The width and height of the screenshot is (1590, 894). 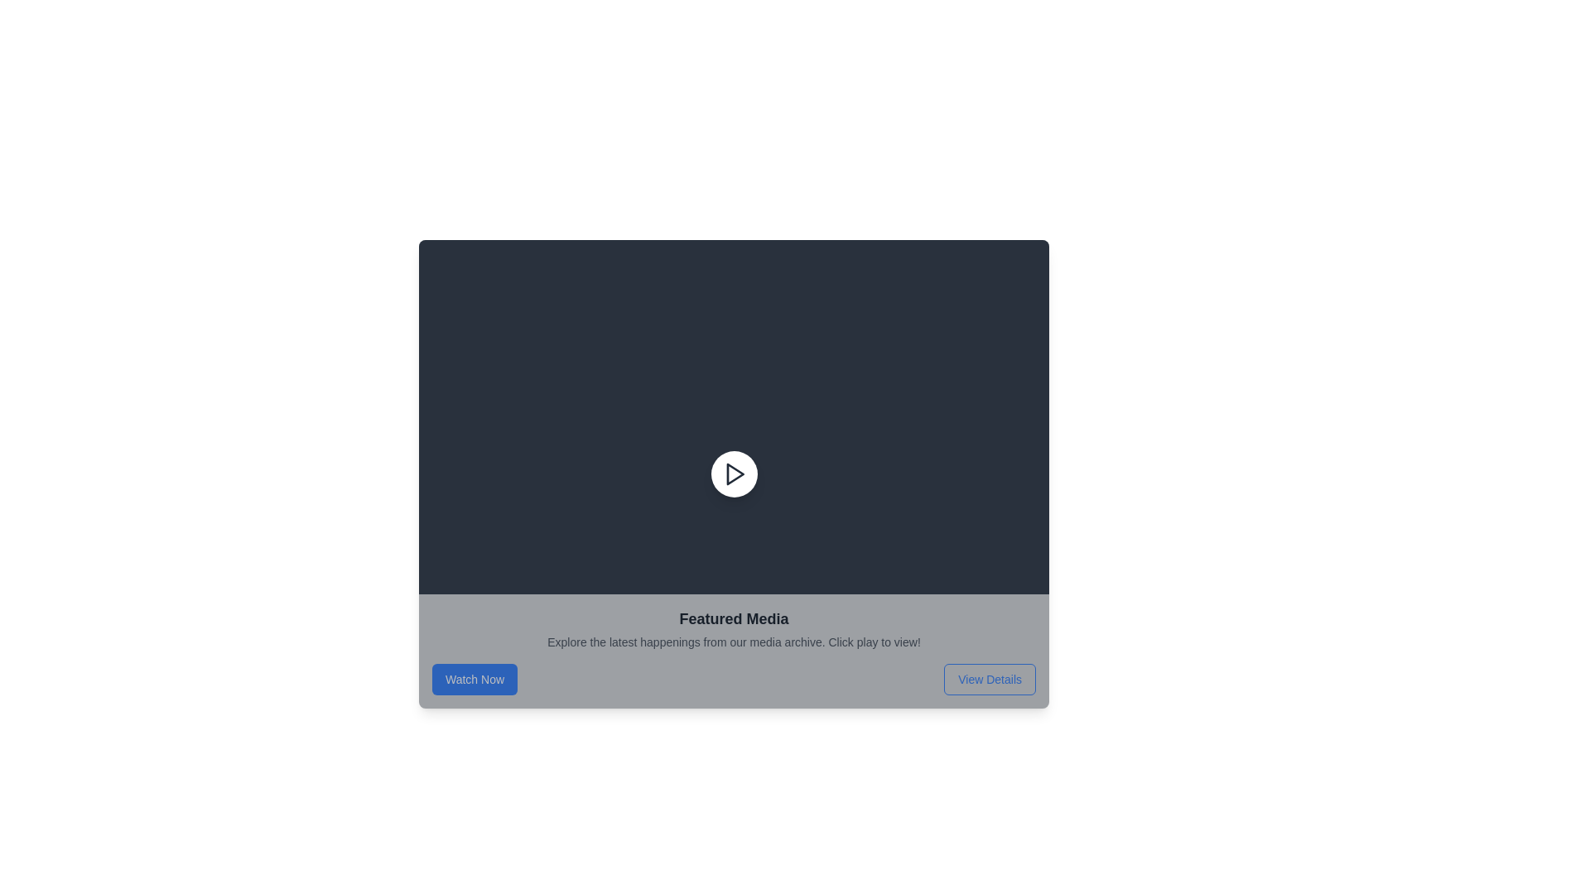 What do you see at coordinates (990, 680) in the screenshot?
I see `the rectangular button with rounded edges labeled 'View Details'` at bounding box center [990, 680].